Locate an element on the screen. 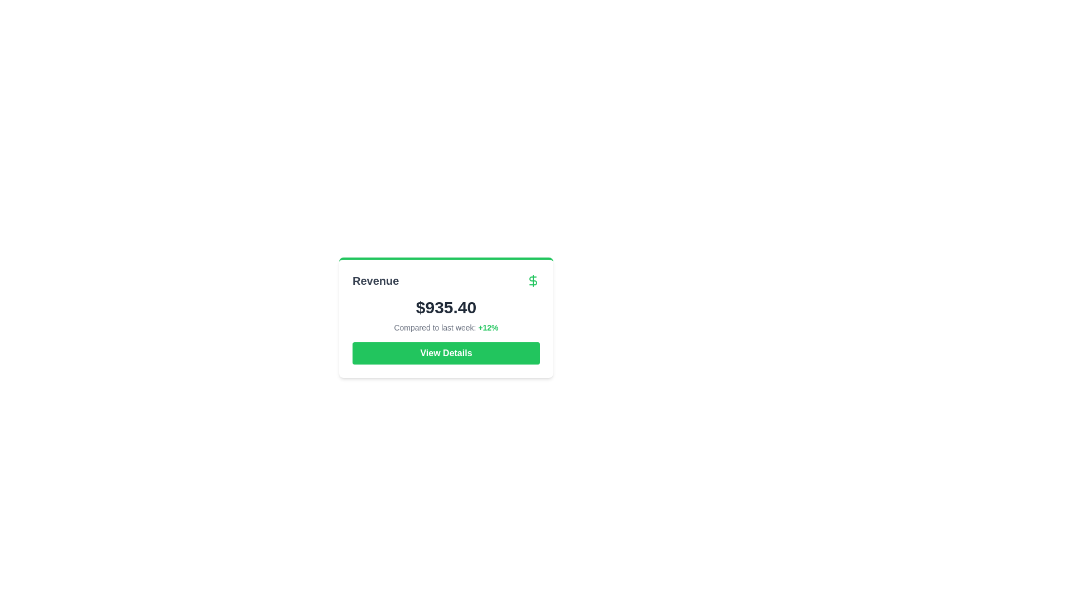  text display showing 'Compared to last week: +12%' which is highlighted in green and bold, located below the monetary figure '$935.40' and above the green button 'View Details' is located at coordinates (446, 327).